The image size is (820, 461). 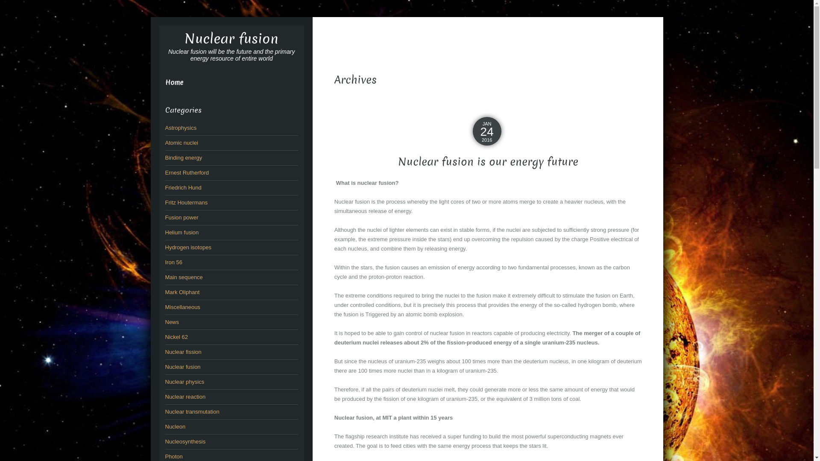 I want to click on 'Fritz Houtermans', so click(x=186, y=202).